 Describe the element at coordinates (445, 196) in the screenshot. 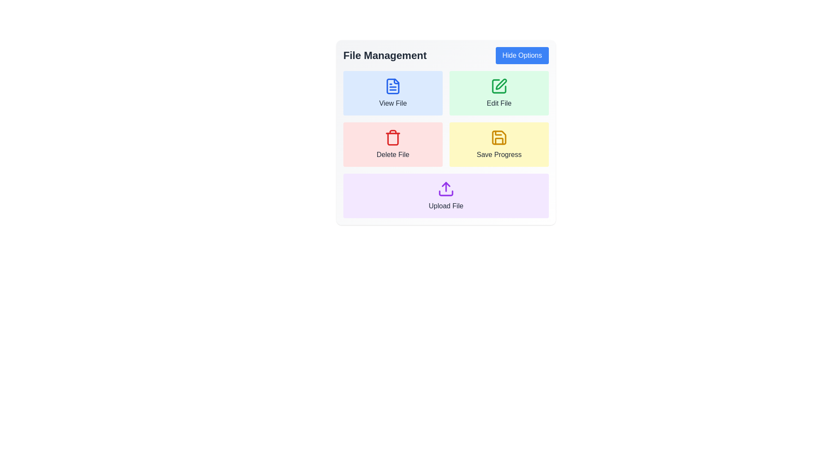

I see `the file upload button located at the bottom of the 'File Management' grid layout by` at that location.